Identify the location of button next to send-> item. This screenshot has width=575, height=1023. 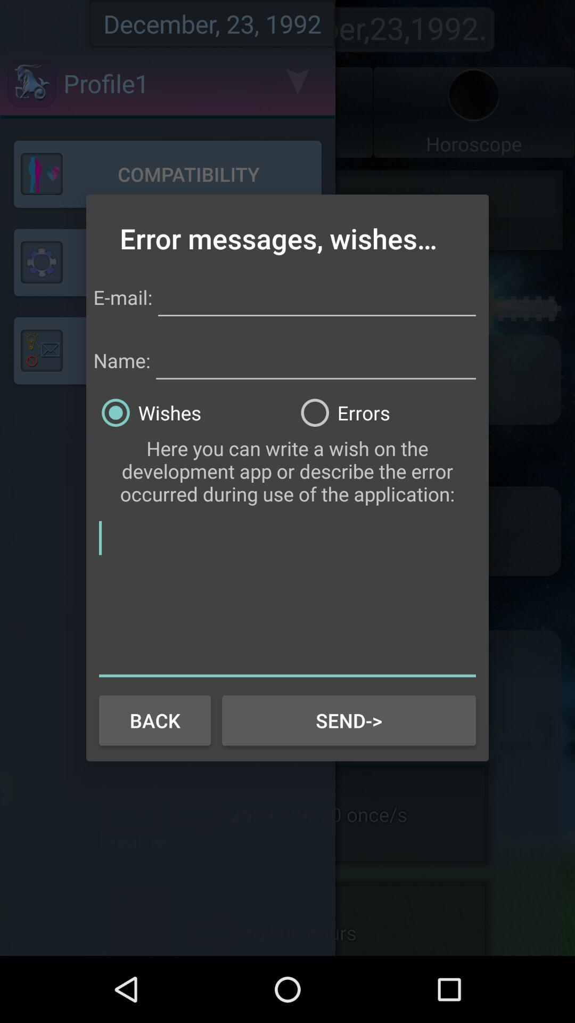
(154, 720).